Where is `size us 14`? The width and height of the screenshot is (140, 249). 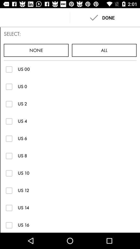 size us 14 is located at coordinates (9, 208).